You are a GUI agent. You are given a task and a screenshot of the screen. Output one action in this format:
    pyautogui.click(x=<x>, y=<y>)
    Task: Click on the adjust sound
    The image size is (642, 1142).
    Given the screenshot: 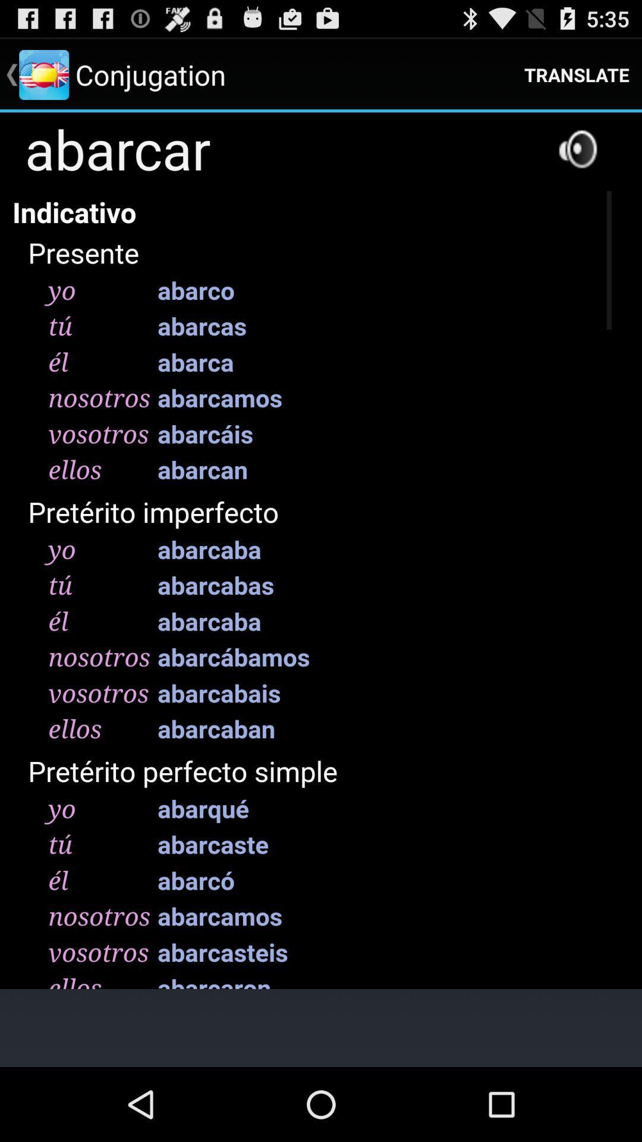 What is the action you would take?
    pyautogui.click(x=577, y=148)
    